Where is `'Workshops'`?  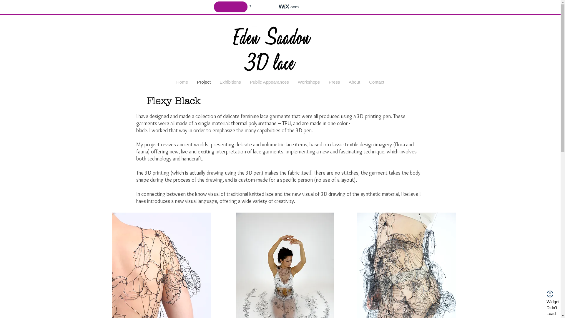 'Workshops' is located at coordinates (308, 82).